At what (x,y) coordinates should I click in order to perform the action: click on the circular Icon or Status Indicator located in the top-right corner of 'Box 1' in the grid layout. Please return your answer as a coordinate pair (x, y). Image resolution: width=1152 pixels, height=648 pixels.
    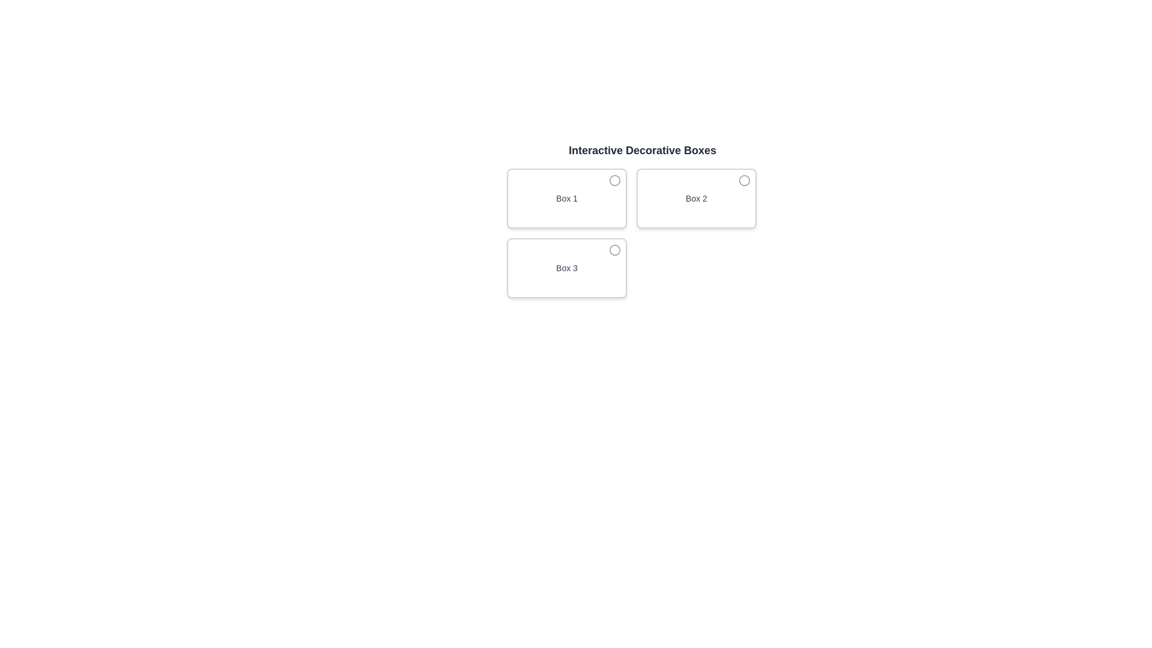
    Looking at the image, I should click on (615, 180).